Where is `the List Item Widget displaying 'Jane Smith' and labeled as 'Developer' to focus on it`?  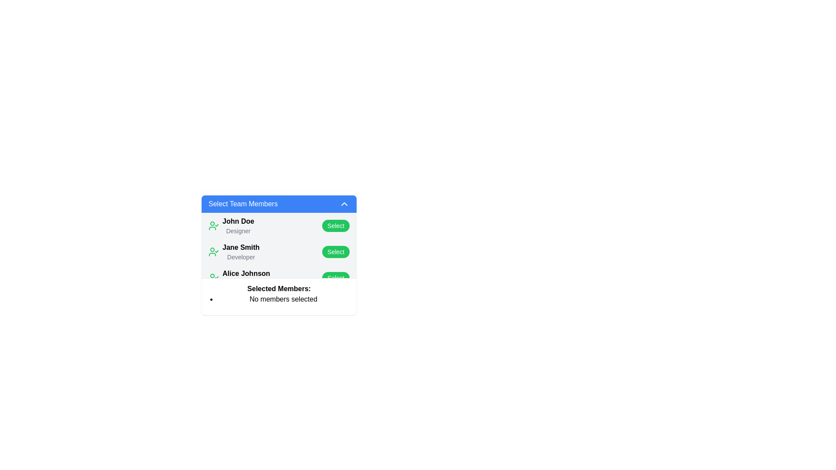 the List Item Widget displaying 'Jane Smith' and labeled as 'Developer' to focus on it is located at coordinates (234, 252).